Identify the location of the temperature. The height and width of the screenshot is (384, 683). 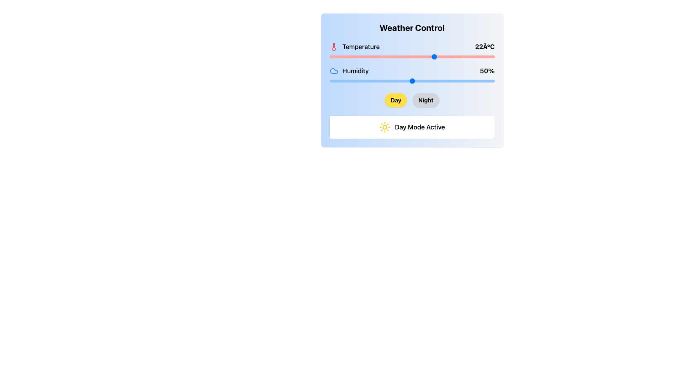
(382, 56).